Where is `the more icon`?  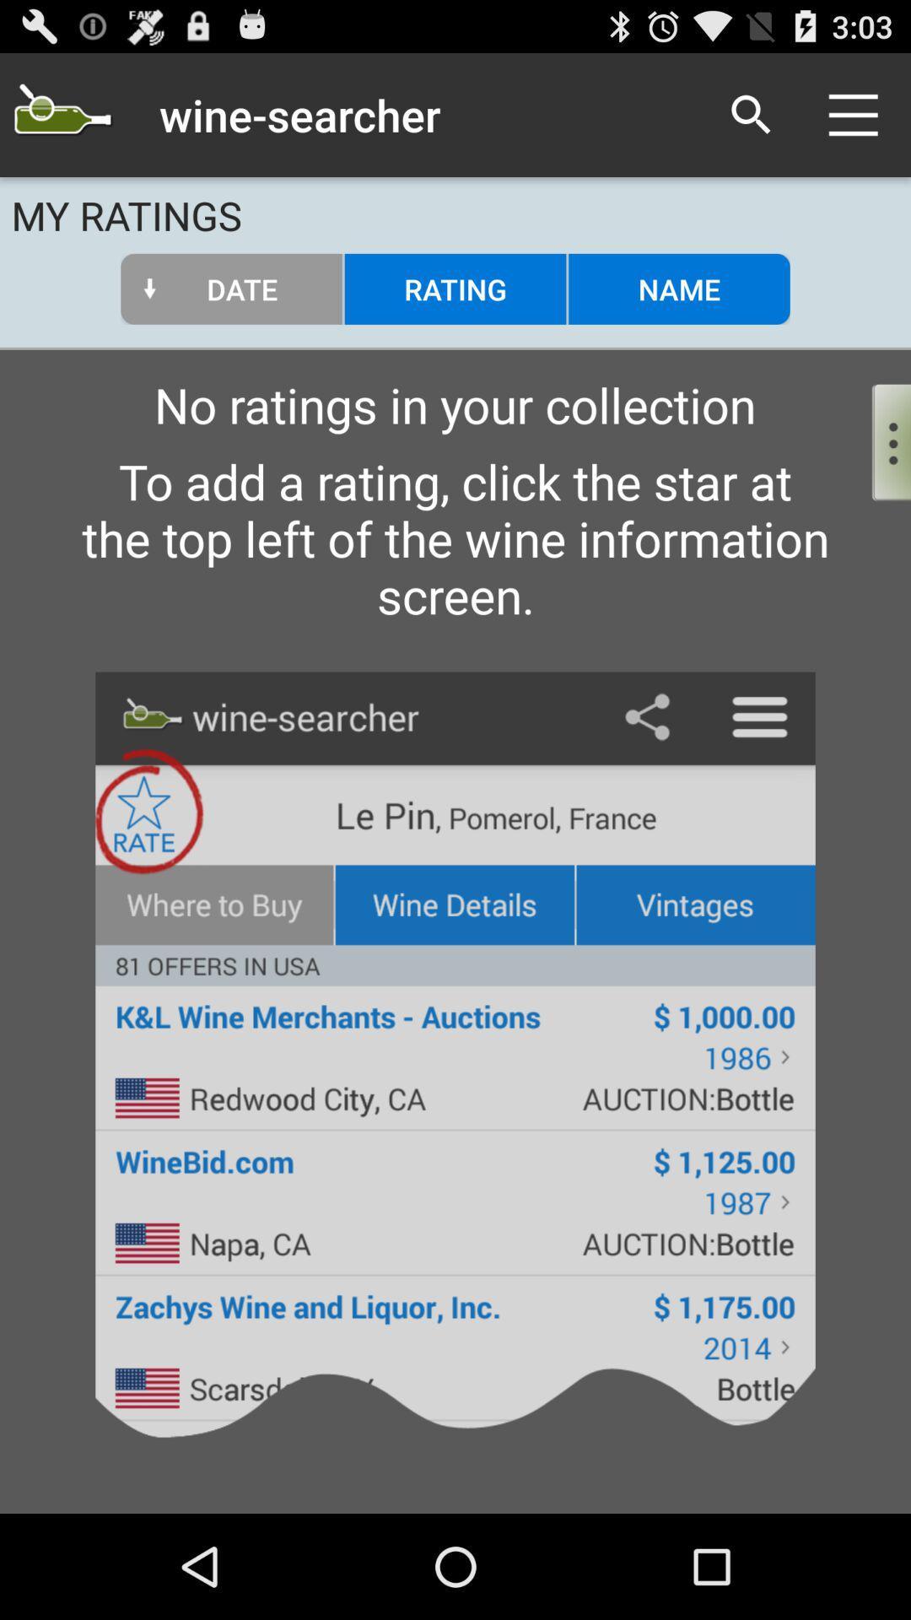 the more icon is located at coordinates (876, 469).